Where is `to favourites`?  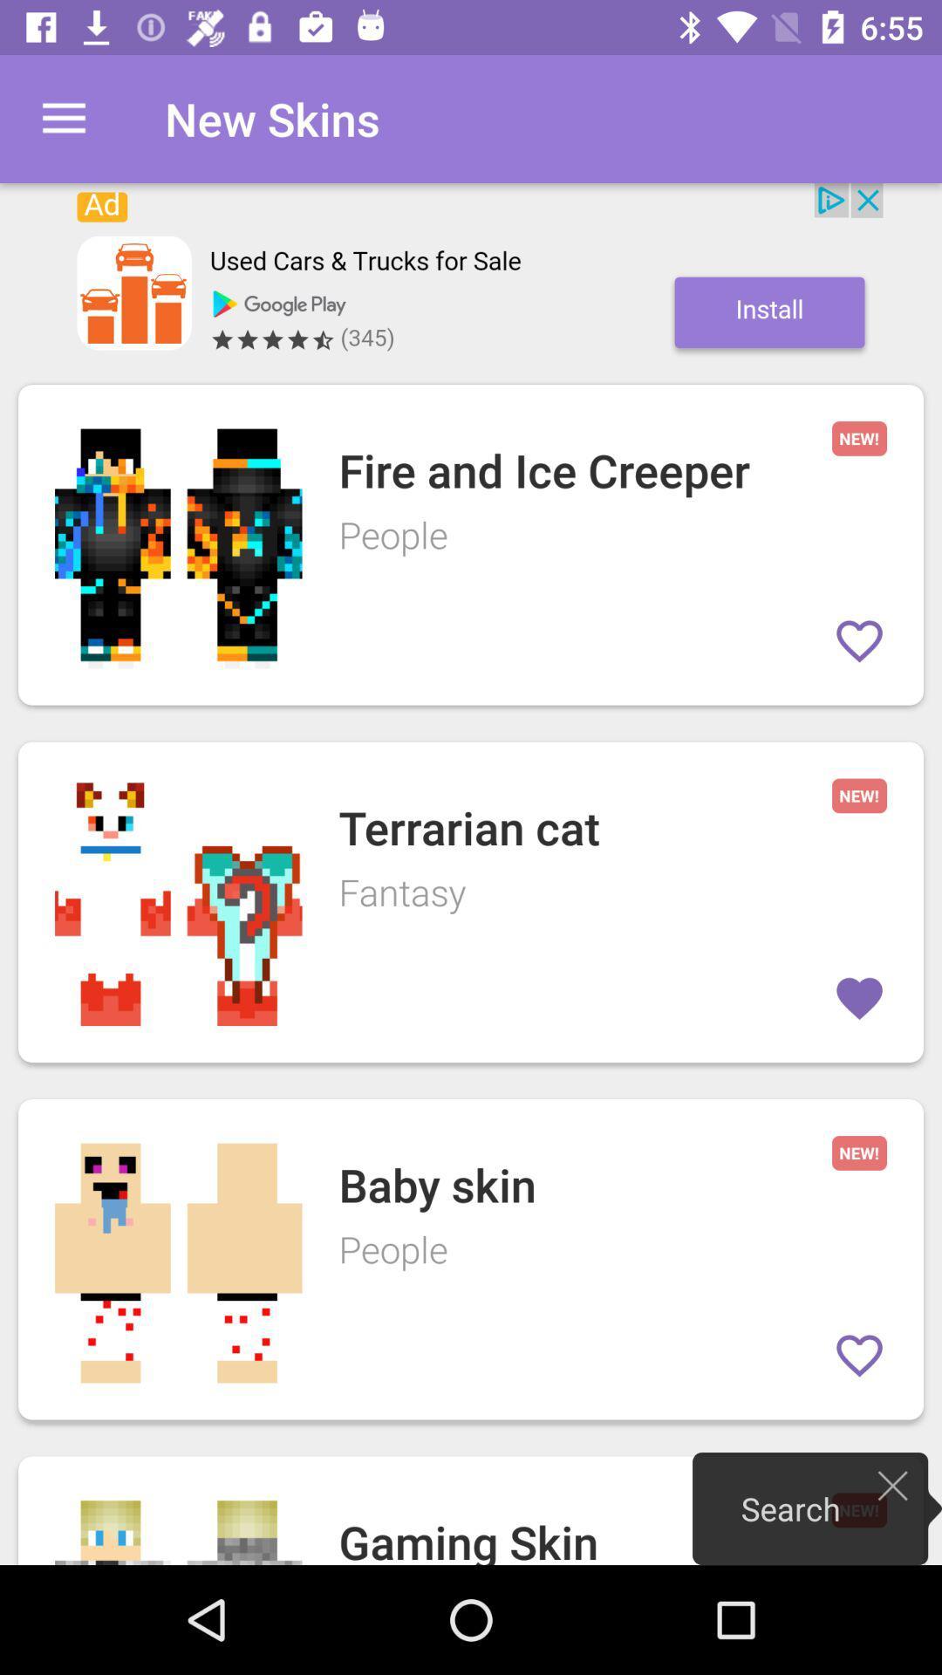 to favourites is located at coordinates (858, 1355).